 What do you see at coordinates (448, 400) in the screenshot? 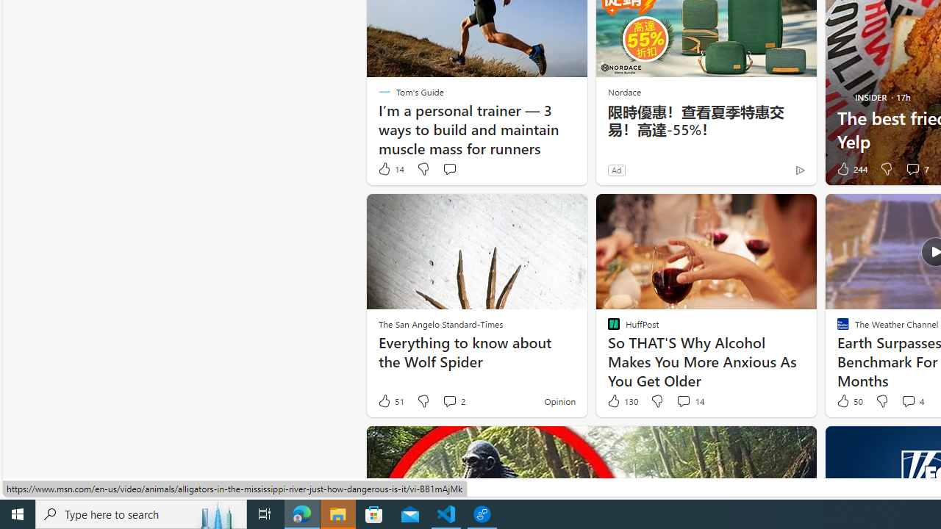
I see `'View comments 2 Comment'` at bounding box center [448, 400].